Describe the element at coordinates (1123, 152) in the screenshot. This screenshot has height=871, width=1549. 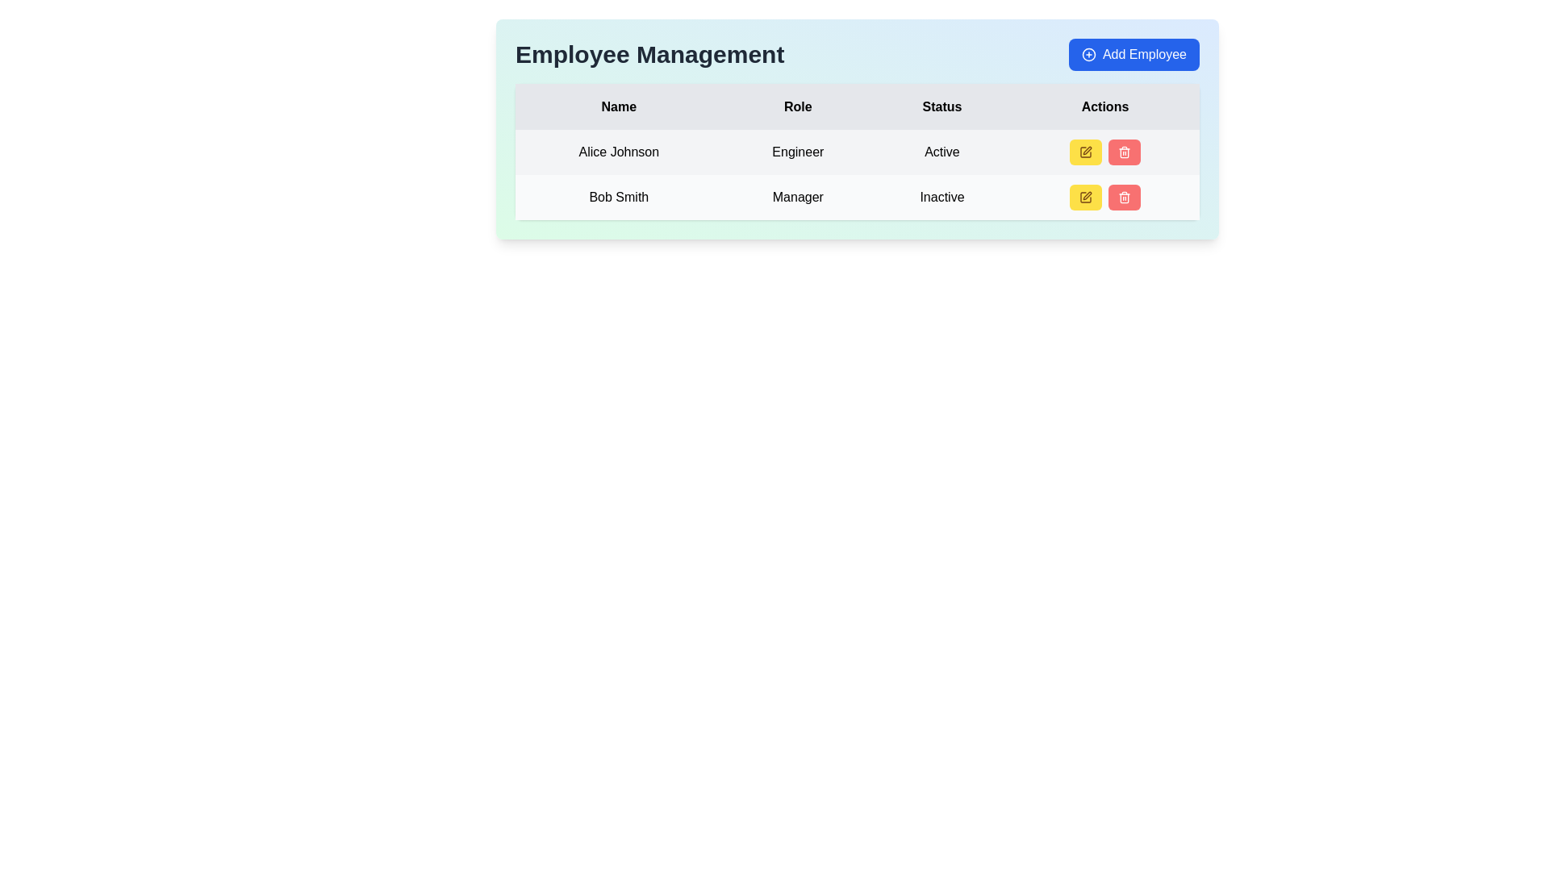
I see `the deletion button located in the 'Actions' column of the first row under 'Employee Management', which is immediately to the right of the yellow edit button` at that location.